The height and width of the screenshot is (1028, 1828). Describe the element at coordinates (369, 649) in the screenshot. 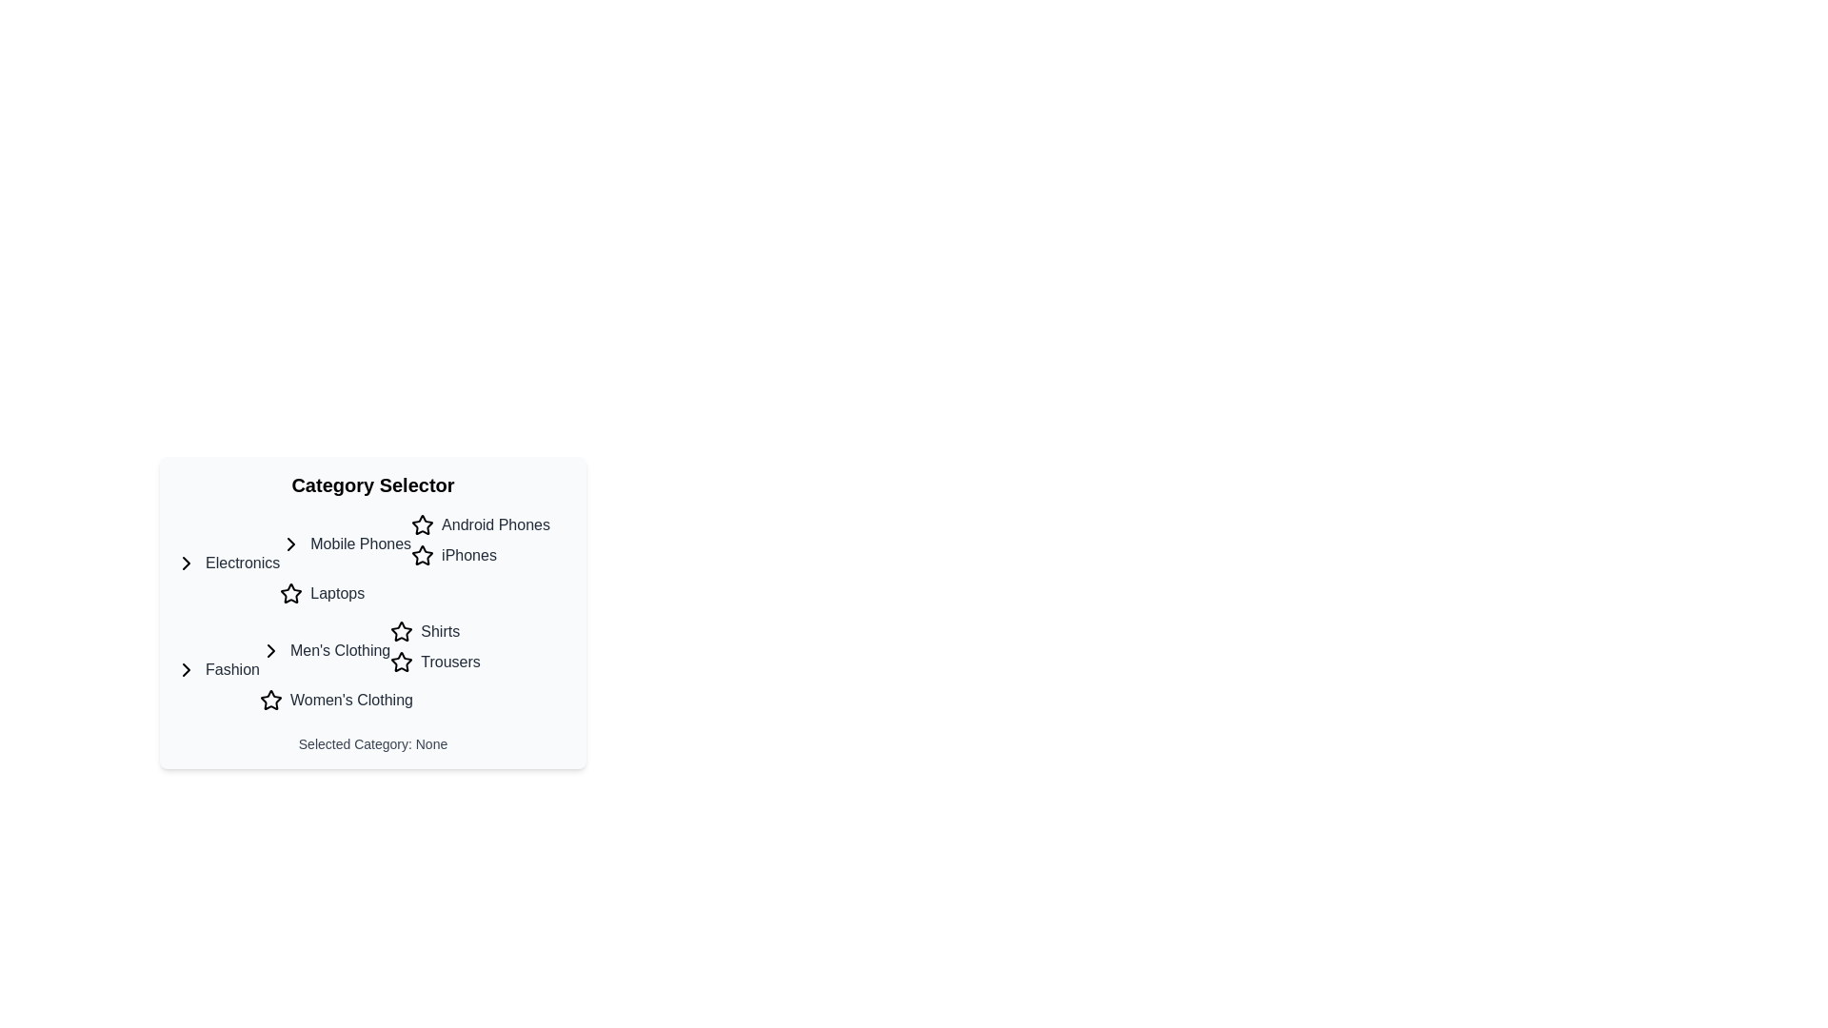

I see `the 'Men's Clothing' category list item` at that location.